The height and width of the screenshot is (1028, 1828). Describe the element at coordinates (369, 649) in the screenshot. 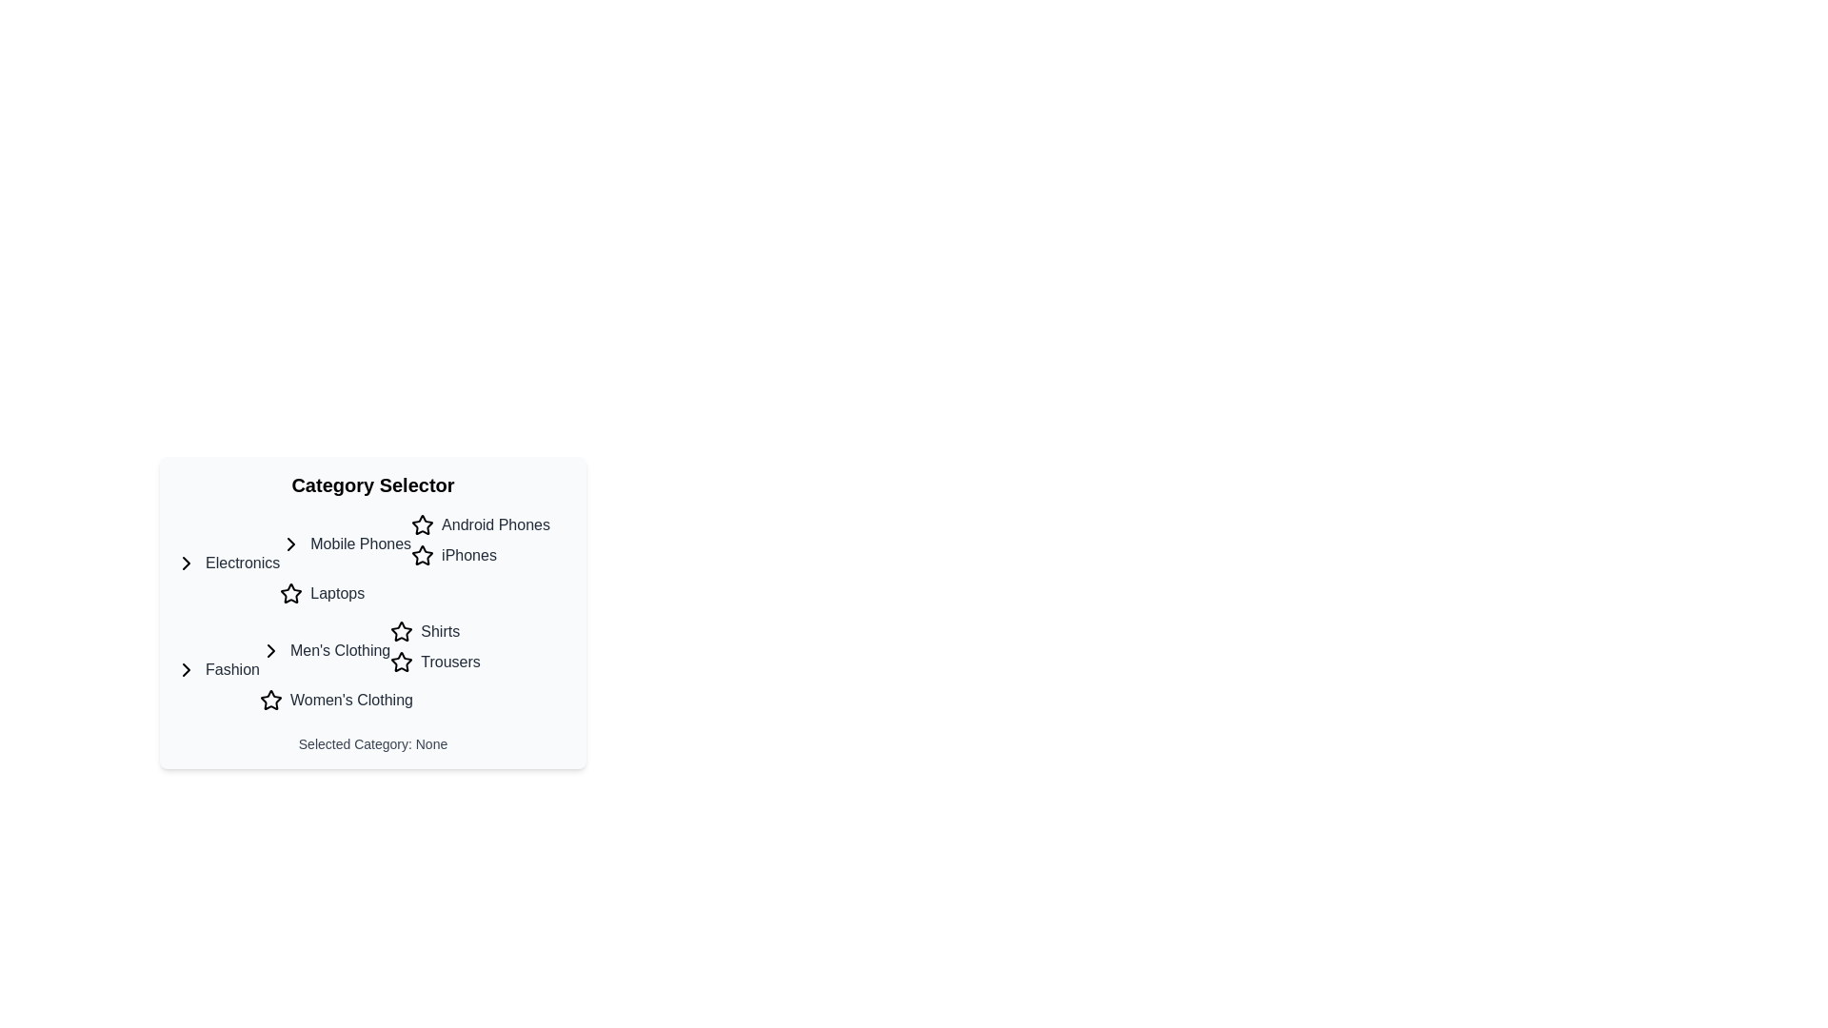

I see `the 'Men's Clothing' category list item` at that location.